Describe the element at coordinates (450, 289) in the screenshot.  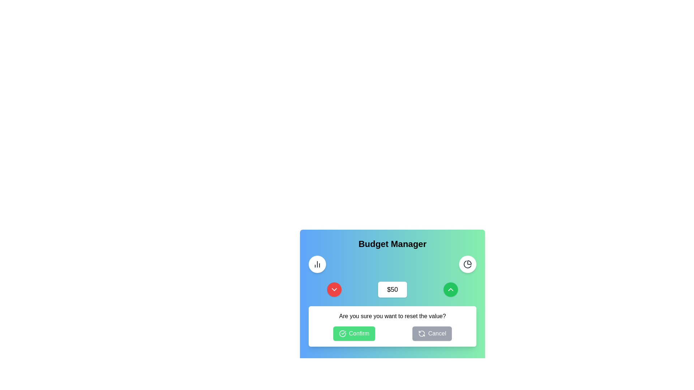
I see `the icon within the green circular button located in the upper-right quadrant of the floating card interface to increment the numeric value nearby` at that location.